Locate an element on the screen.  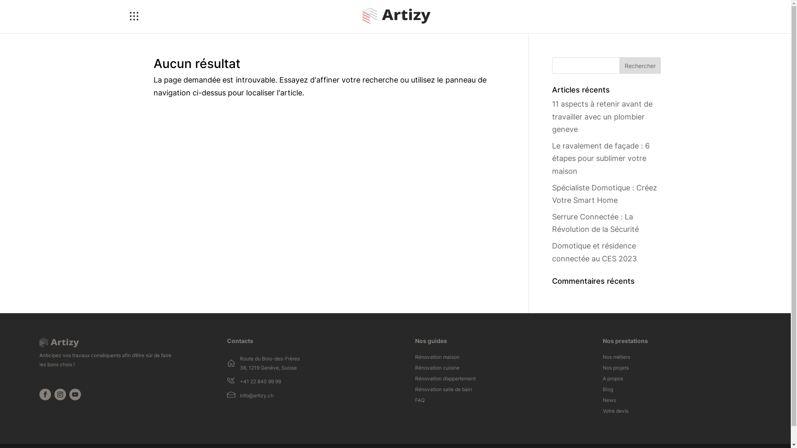
'News' is located at coordinates (609, 401).